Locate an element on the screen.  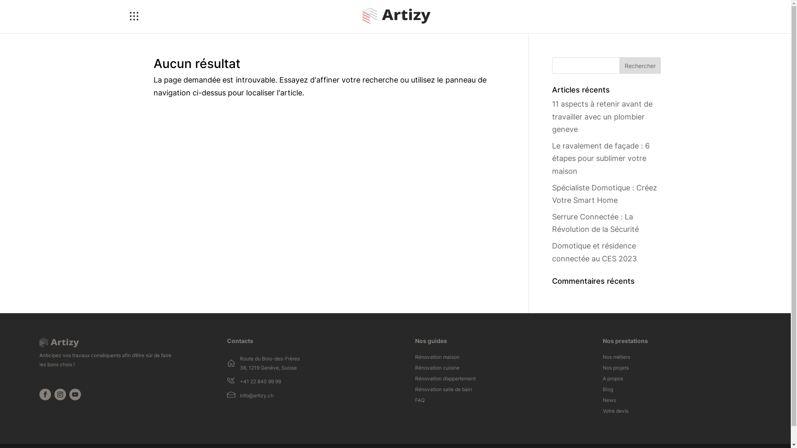
'News' is located at coordinates (609, 401).